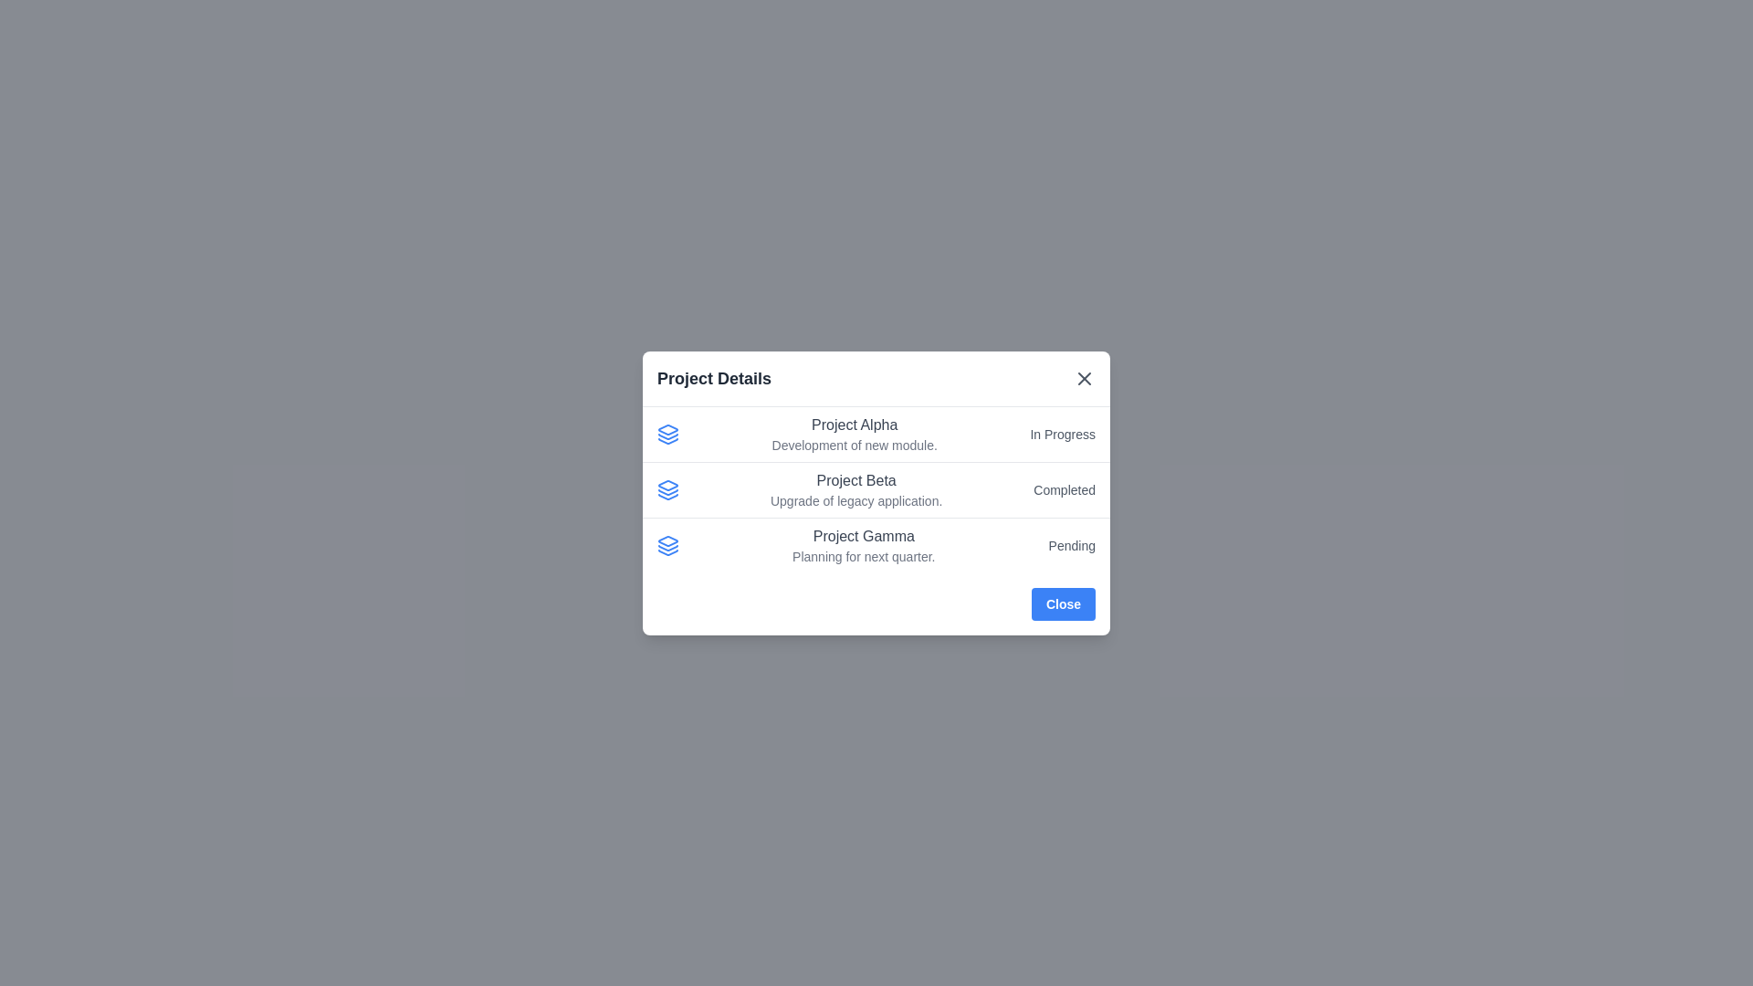 This screenshot has width=1753, height=986. I want to click on the project icon for Project Alpha, so click(667, 434).